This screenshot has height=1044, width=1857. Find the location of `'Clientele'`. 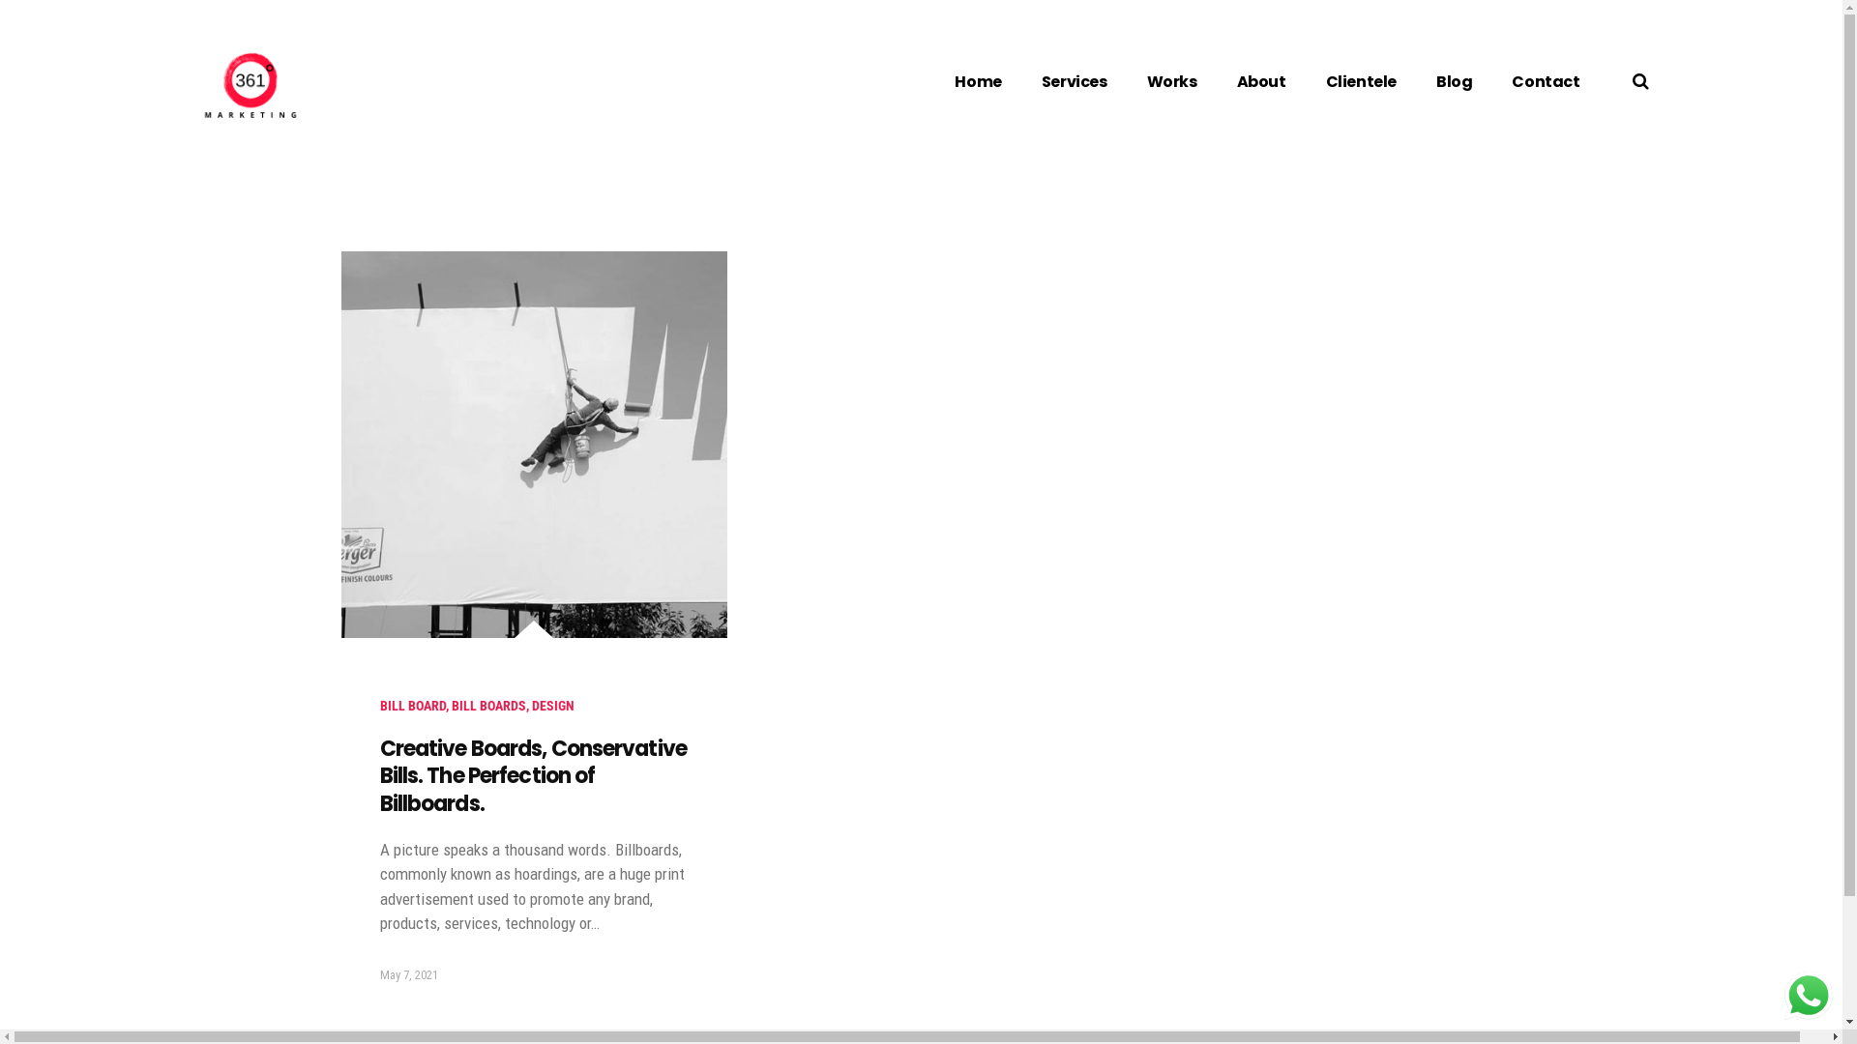

'Clientele' is located at coordinates (1360, 80).